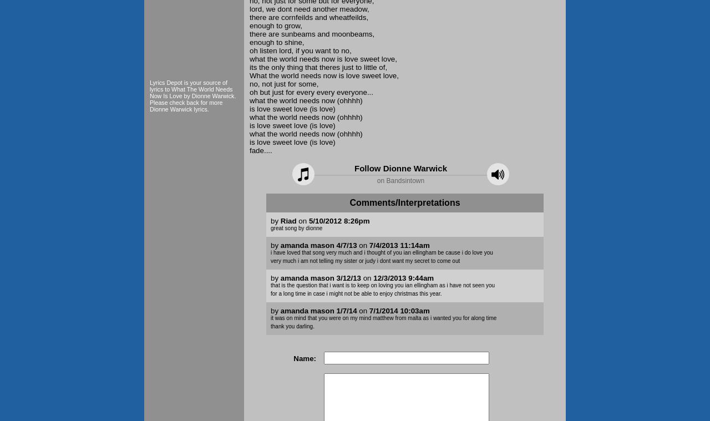 This screenshot has height=421, width=710. What do you see at coordinates (311, 33) in the screenshot?
I see `'there are sunbeams and moonbeams,'` at bounding box center [311, 33].